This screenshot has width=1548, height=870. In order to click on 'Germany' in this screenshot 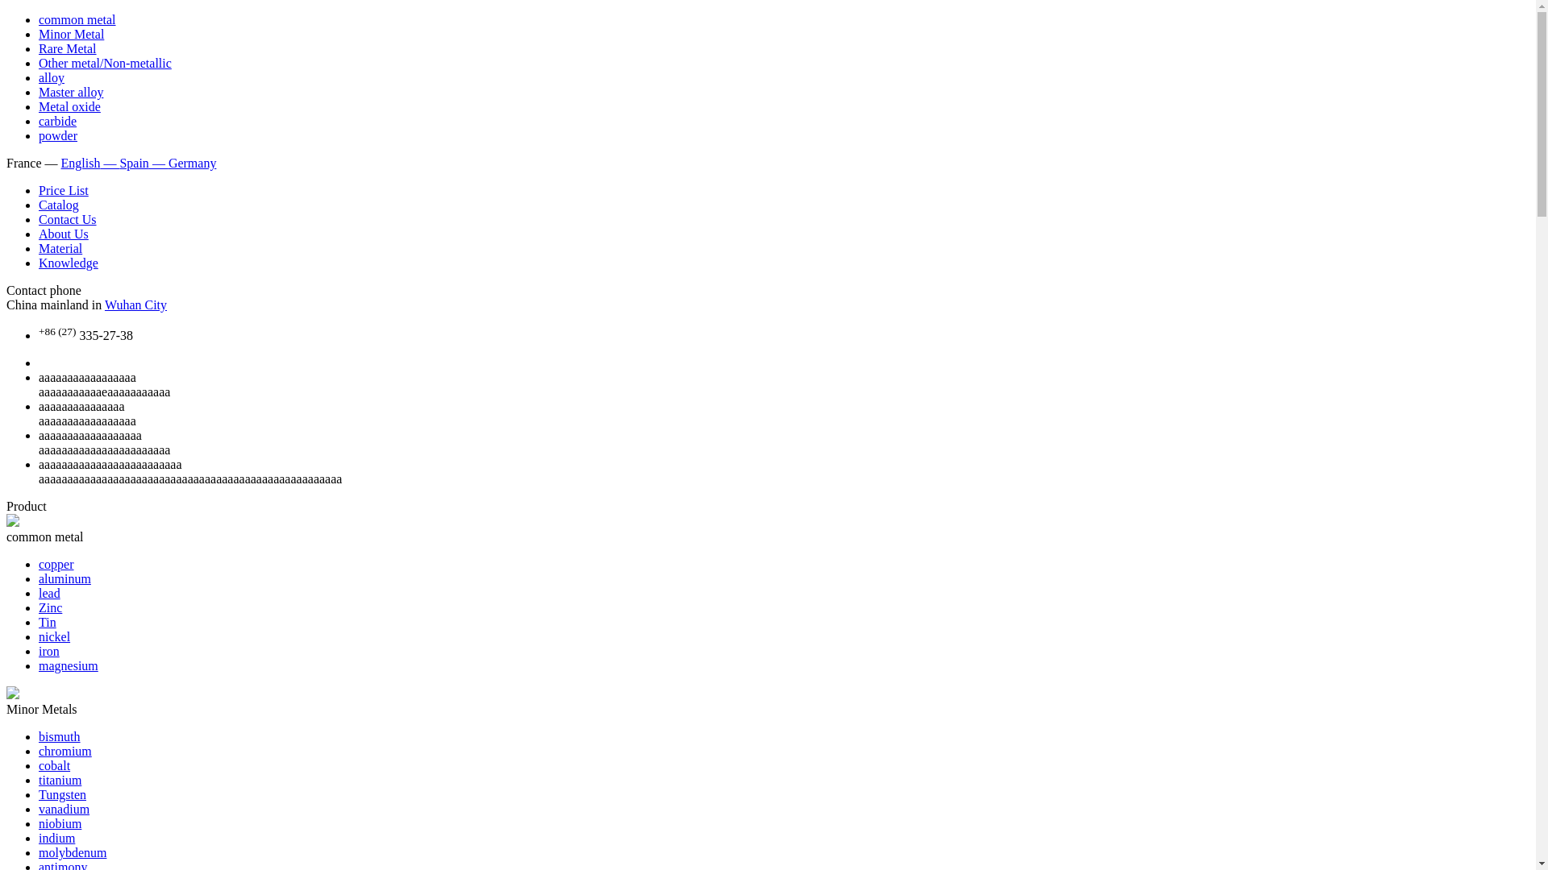, I will do `click(193, 163)`.